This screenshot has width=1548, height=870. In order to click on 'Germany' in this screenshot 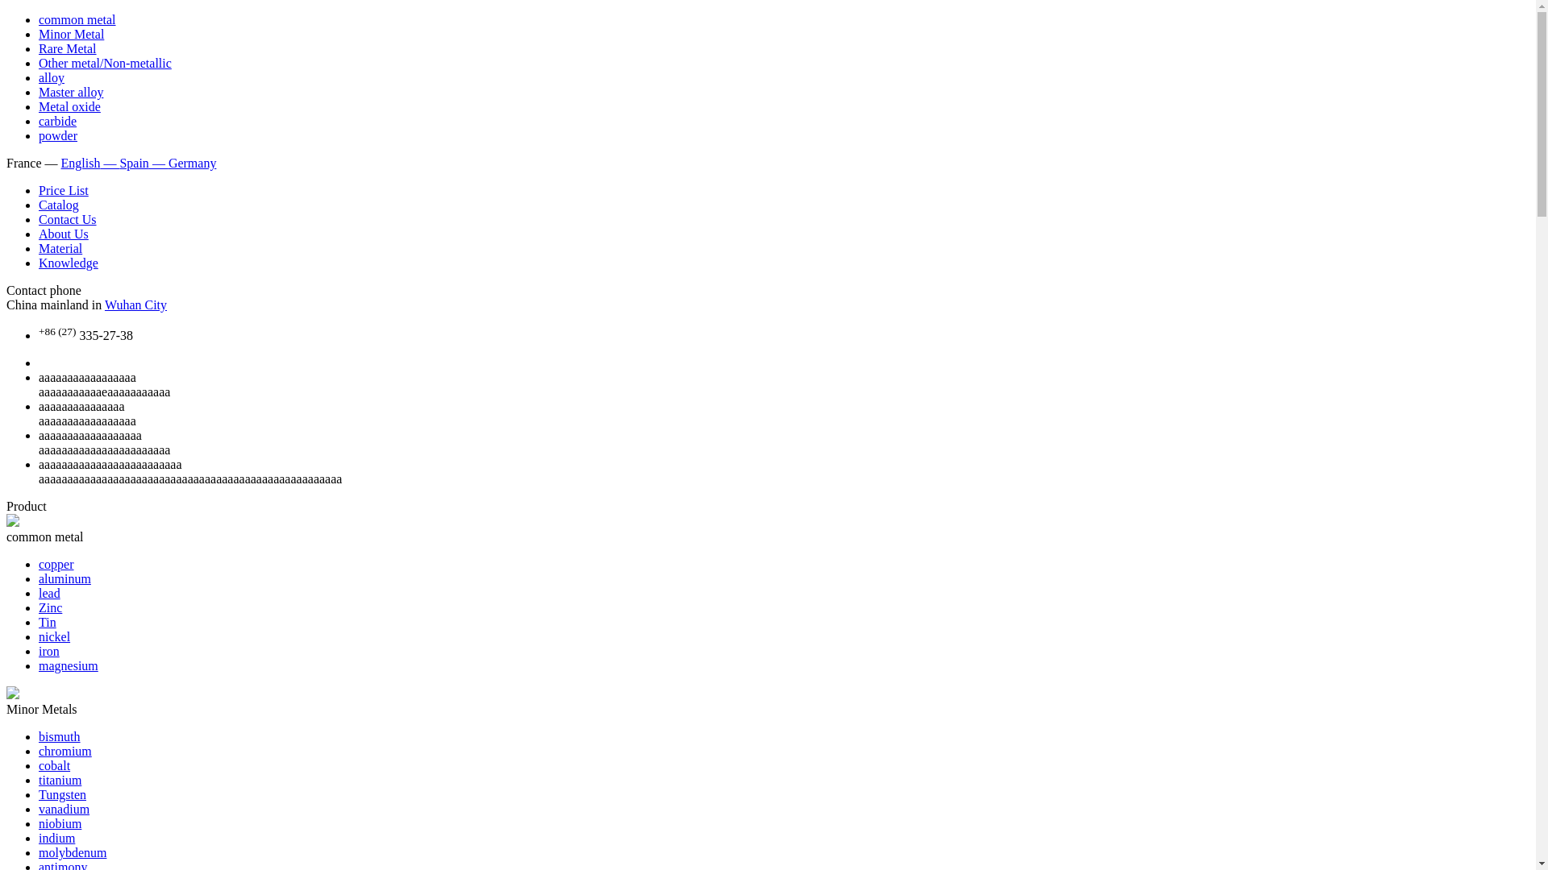, I will do `click(193, 163)`.